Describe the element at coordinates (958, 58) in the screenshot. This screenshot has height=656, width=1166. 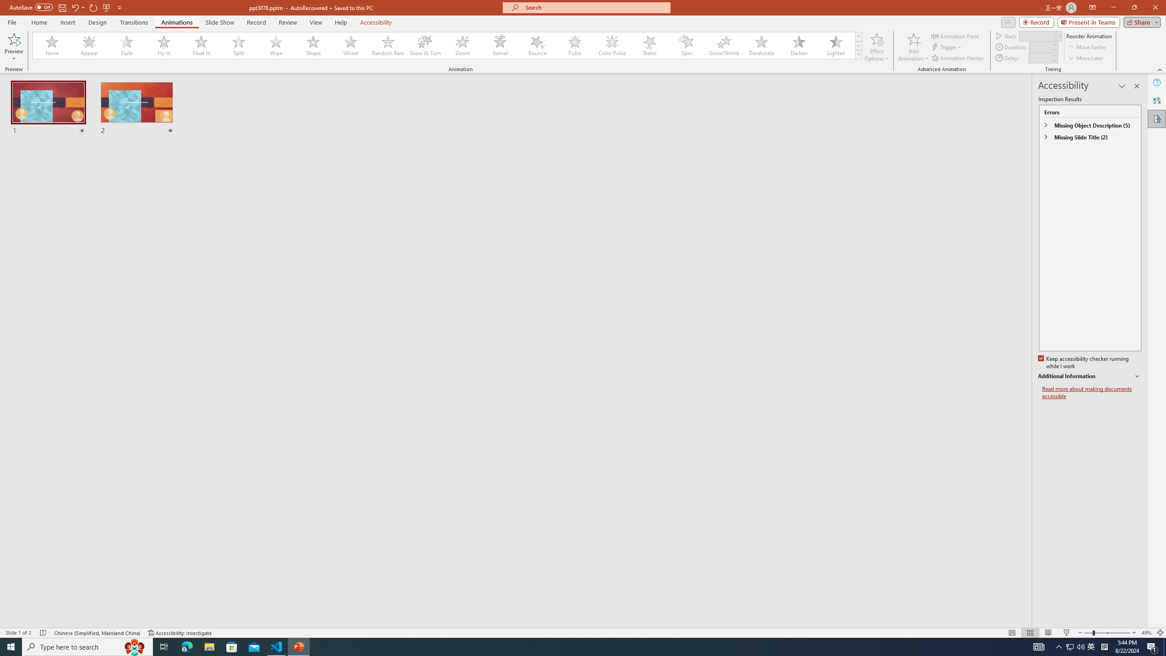
I see `'Animation Painter'` at that location.